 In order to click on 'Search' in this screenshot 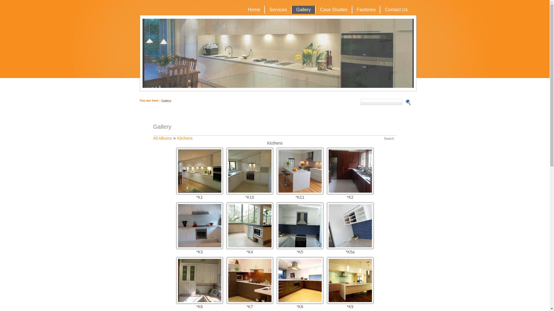, I will do `click(389, 139)`.